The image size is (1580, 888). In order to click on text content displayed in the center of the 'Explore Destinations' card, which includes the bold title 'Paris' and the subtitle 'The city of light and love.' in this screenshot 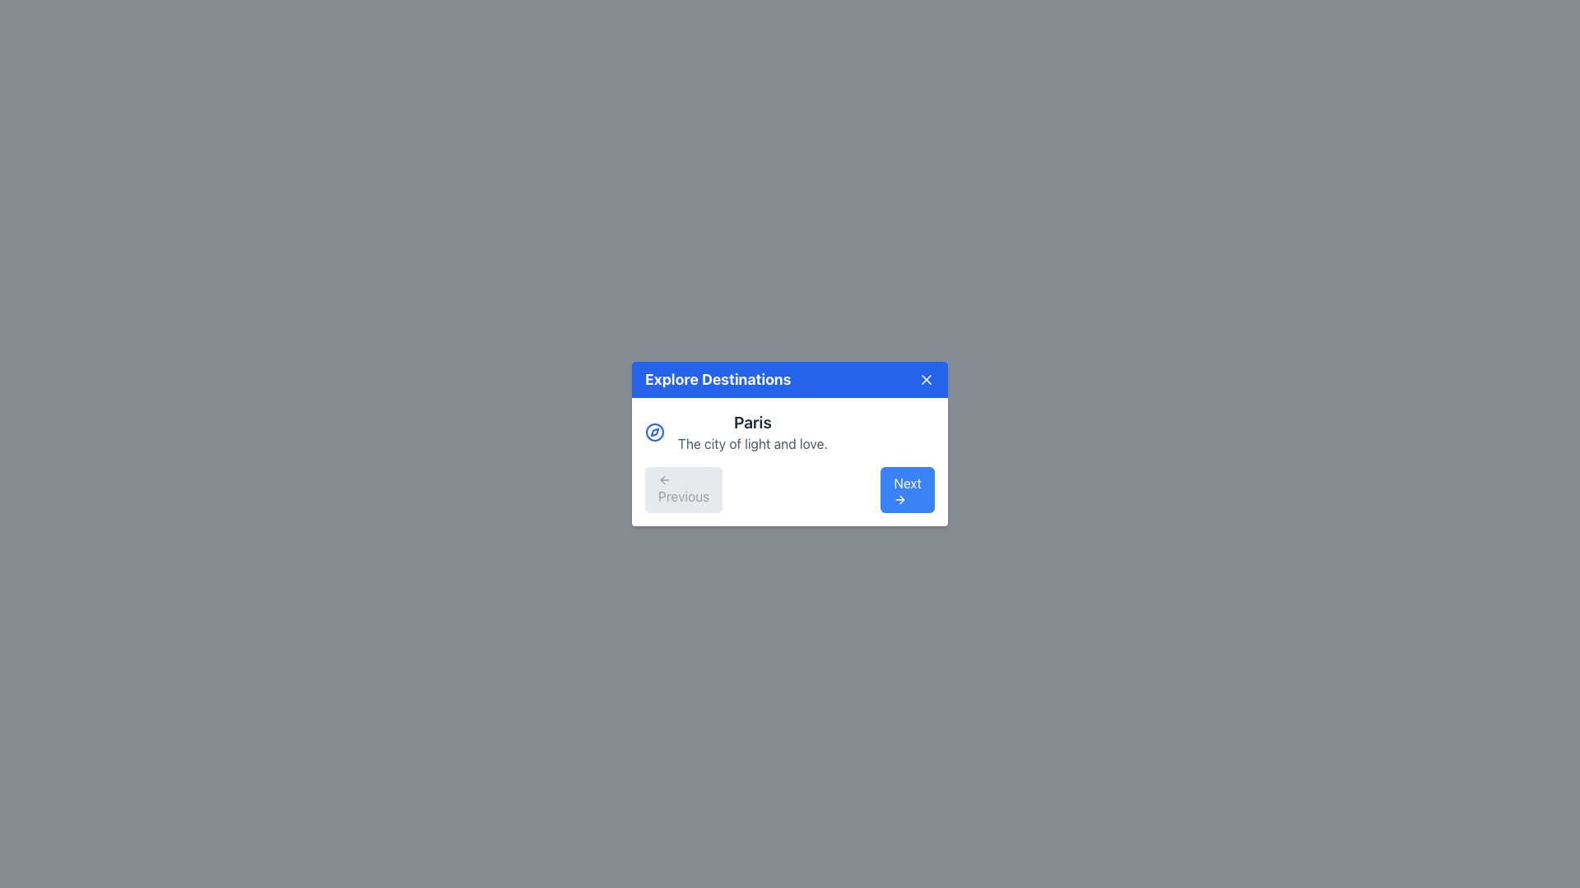, I will do `click(751, 431)`.